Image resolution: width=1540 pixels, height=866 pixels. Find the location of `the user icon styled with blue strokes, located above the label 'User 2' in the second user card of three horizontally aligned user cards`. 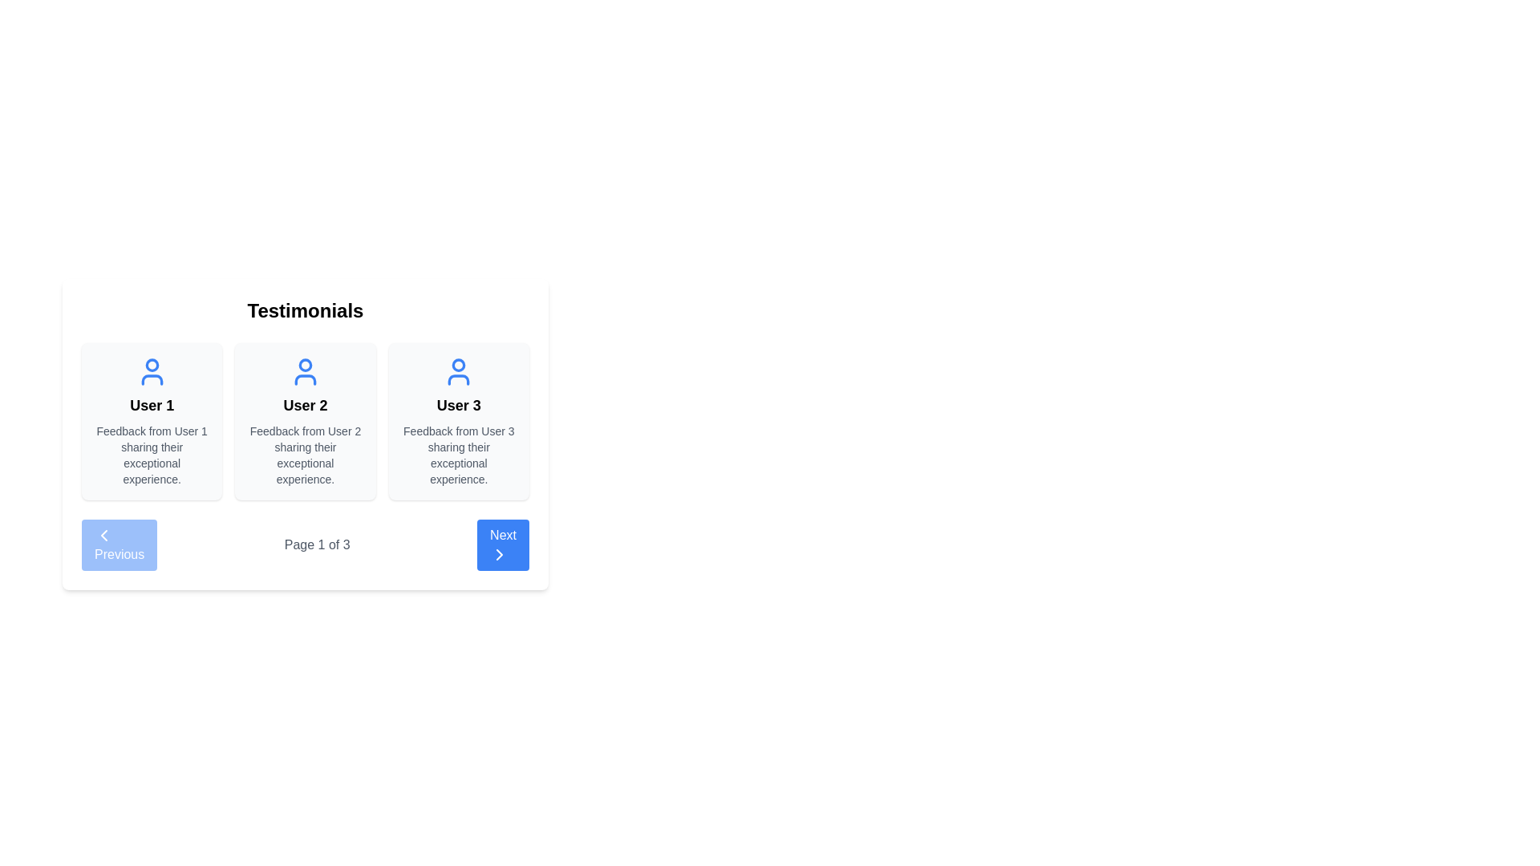

the user icon styled with blue strokes, located above the label 'User 2' in the second user card of three horizontally aligned user cards is located at coordinates (305, 371).